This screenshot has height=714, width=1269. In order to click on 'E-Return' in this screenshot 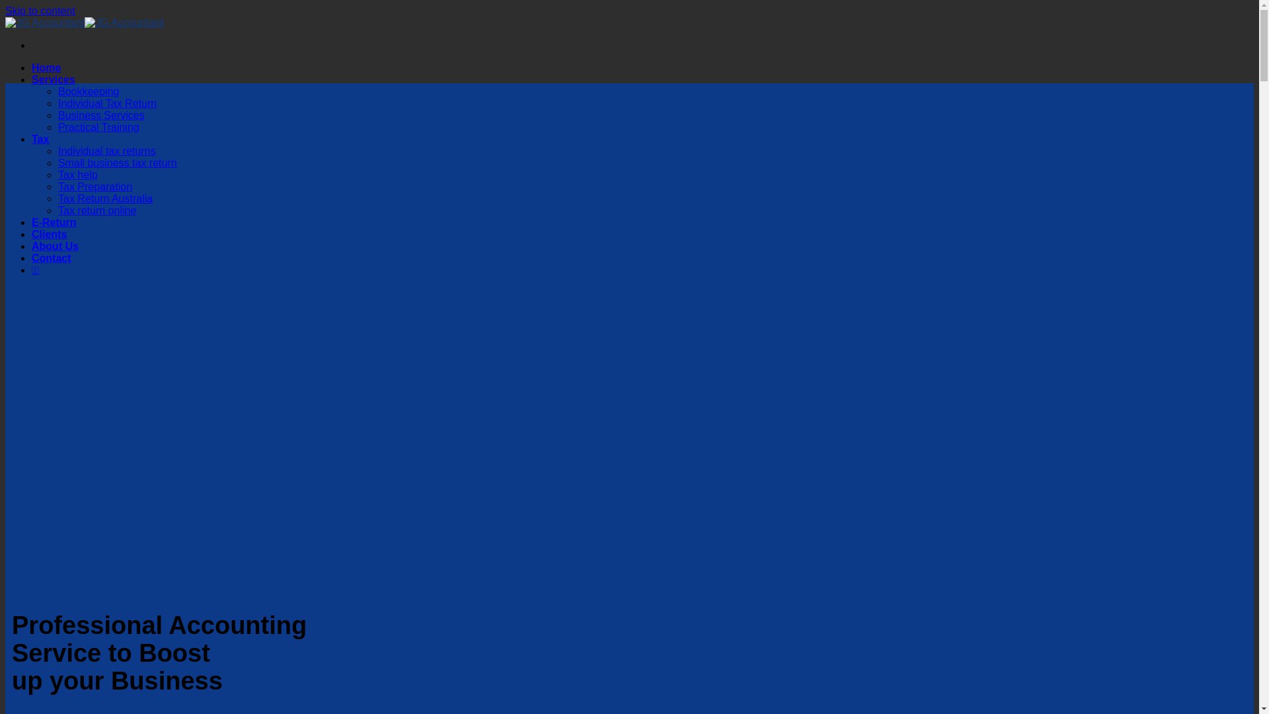, I will do `click(32, 221)`.